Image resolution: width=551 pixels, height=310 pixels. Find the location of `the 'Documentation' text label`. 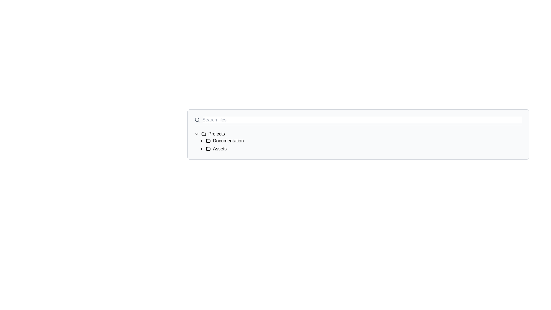

the 'Documentation' text label is located at coordinates (228, 141).